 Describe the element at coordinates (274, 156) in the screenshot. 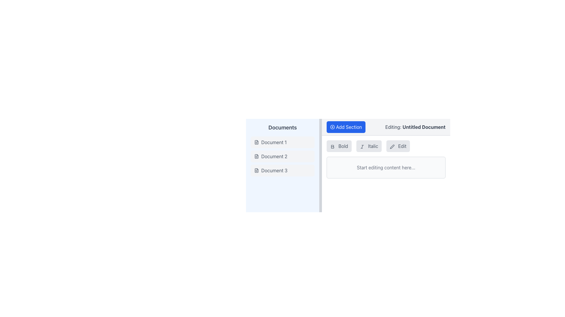

I see `the text 'Document 2'` at that location.